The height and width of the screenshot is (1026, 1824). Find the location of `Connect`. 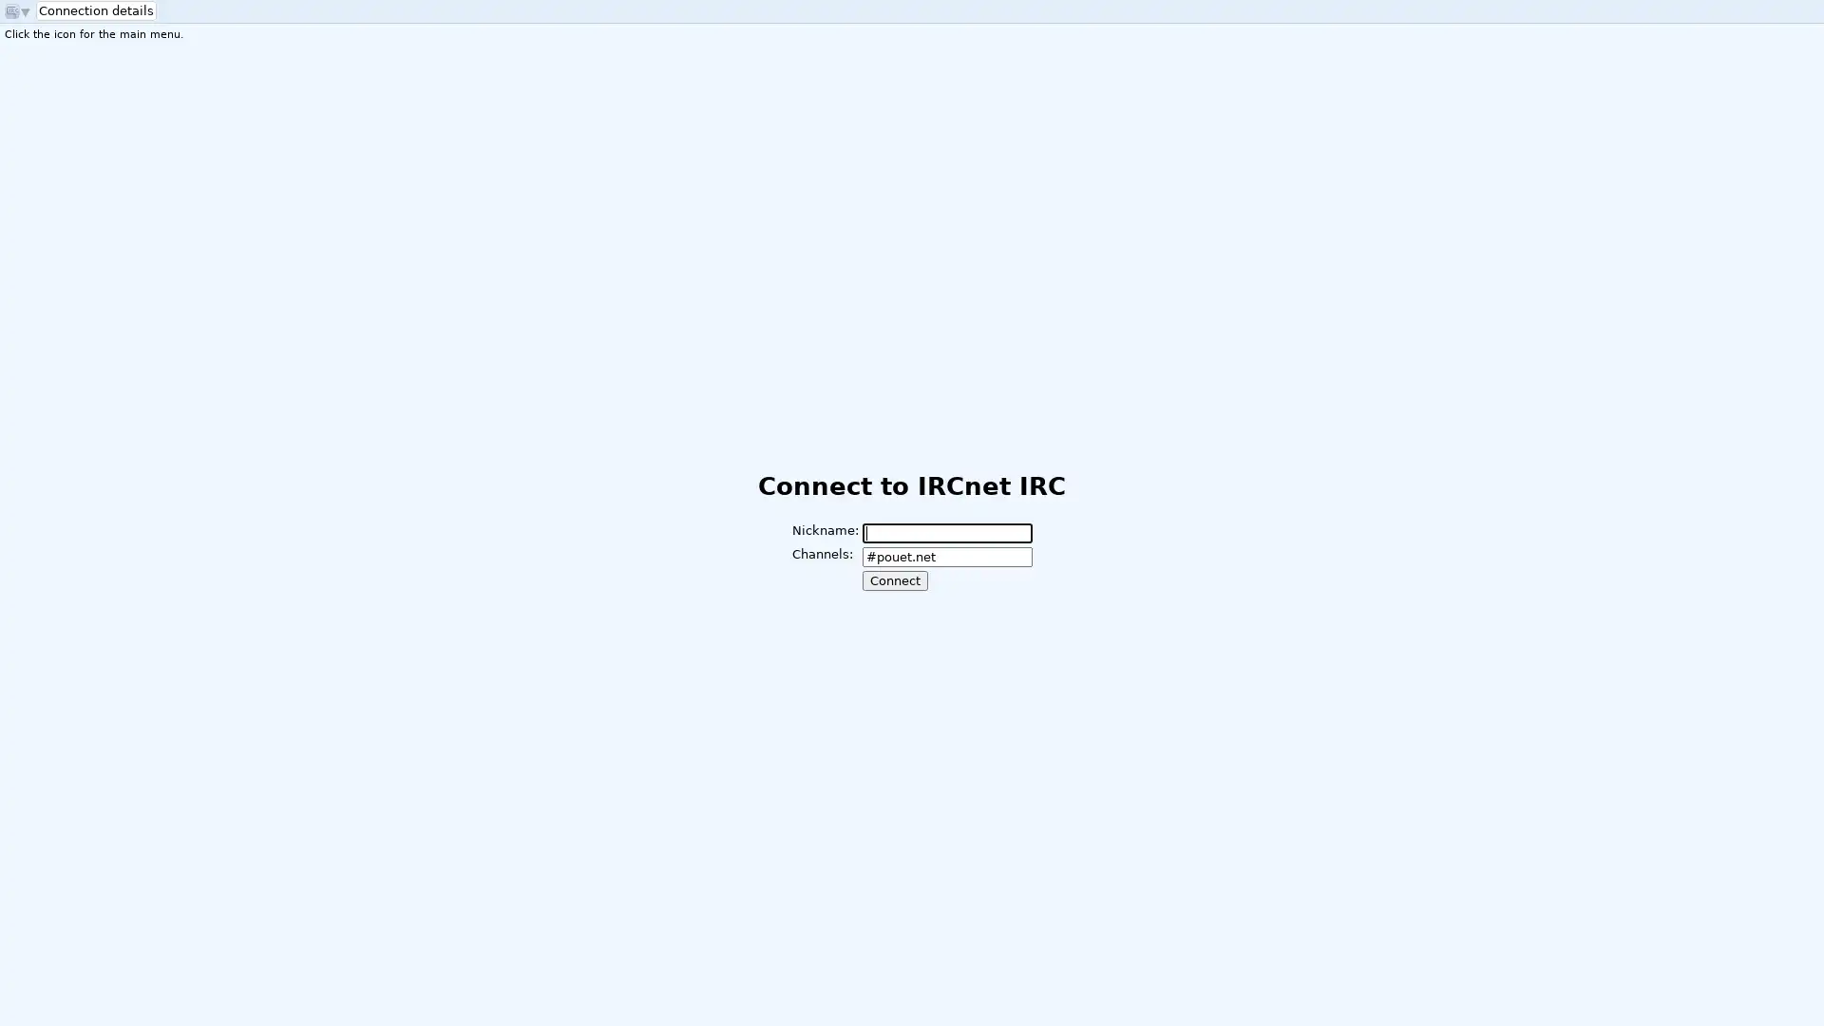

Connect is located at coordinates (893, 579).